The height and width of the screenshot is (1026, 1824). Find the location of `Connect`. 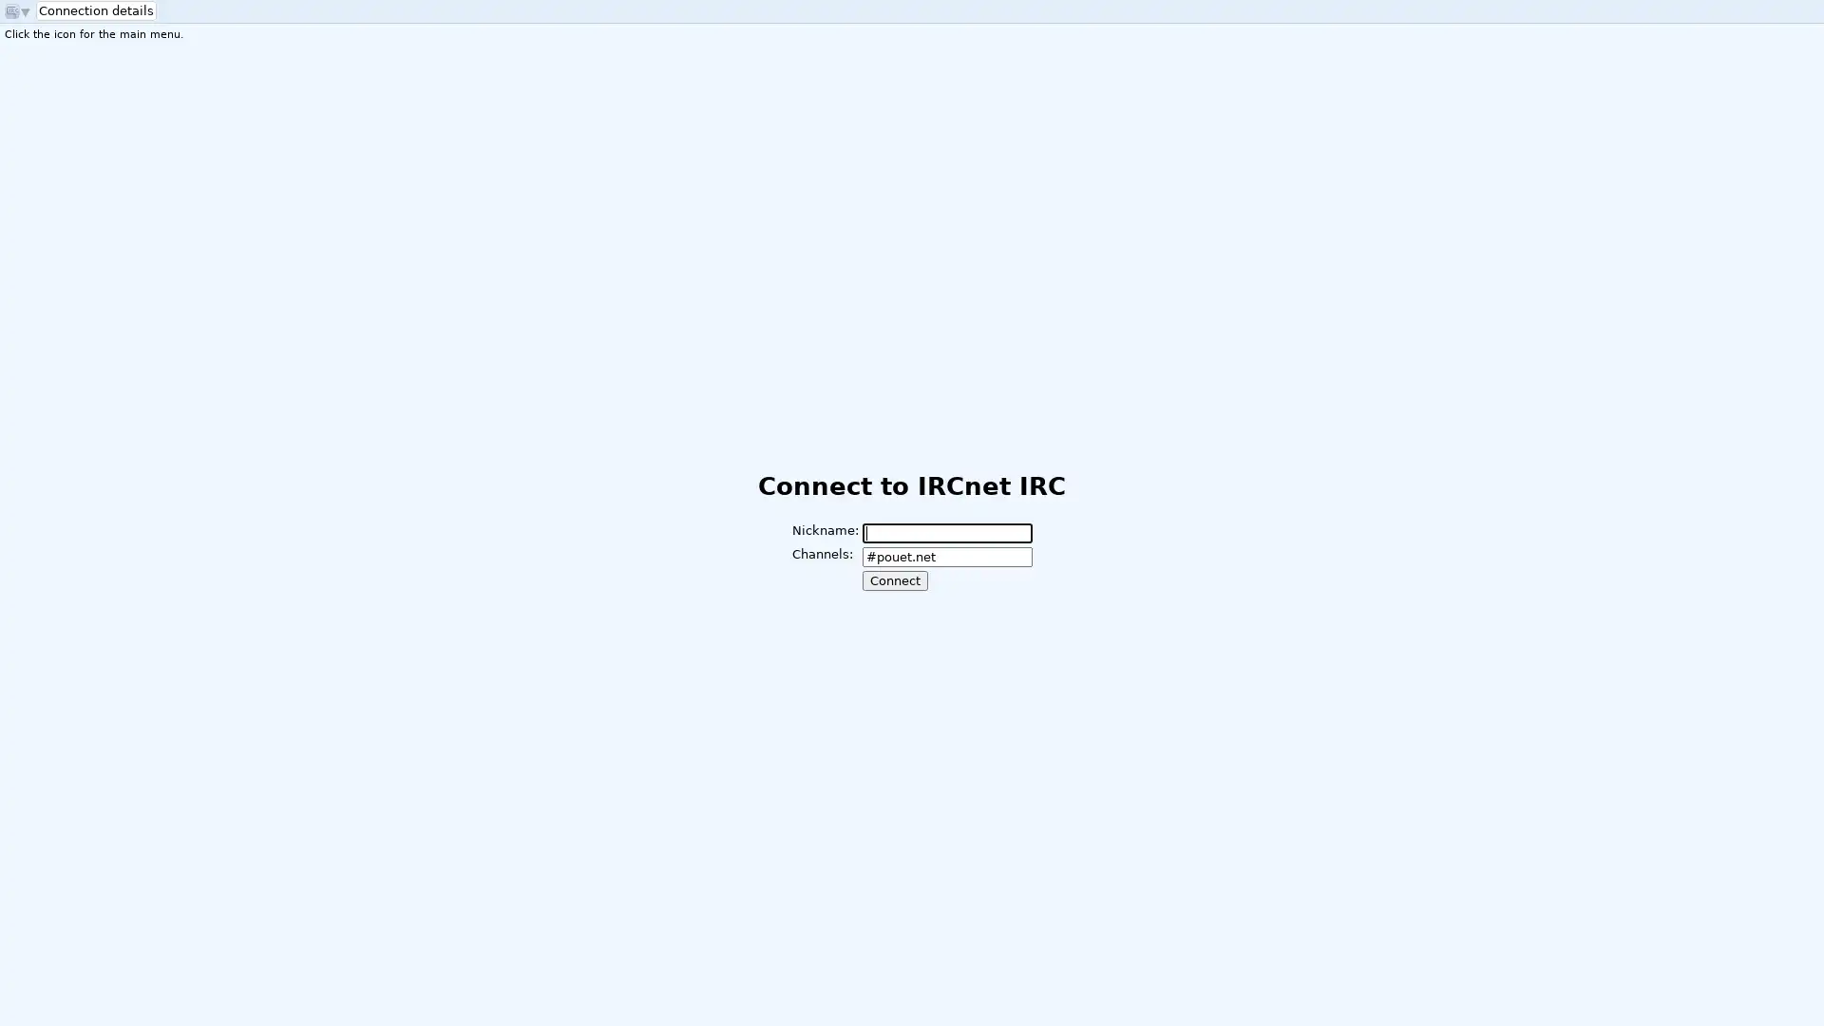

Connect is located at coordinates (893, 579).